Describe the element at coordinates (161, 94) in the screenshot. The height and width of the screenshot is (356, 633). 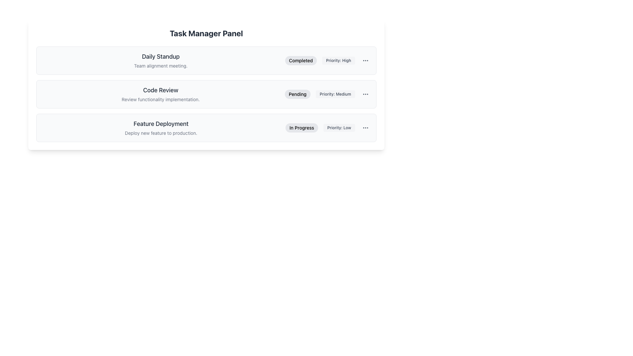
I see `the 'Code Review' task information text block, which displays its title and description, located in the center section of the second row of task items` at that location.